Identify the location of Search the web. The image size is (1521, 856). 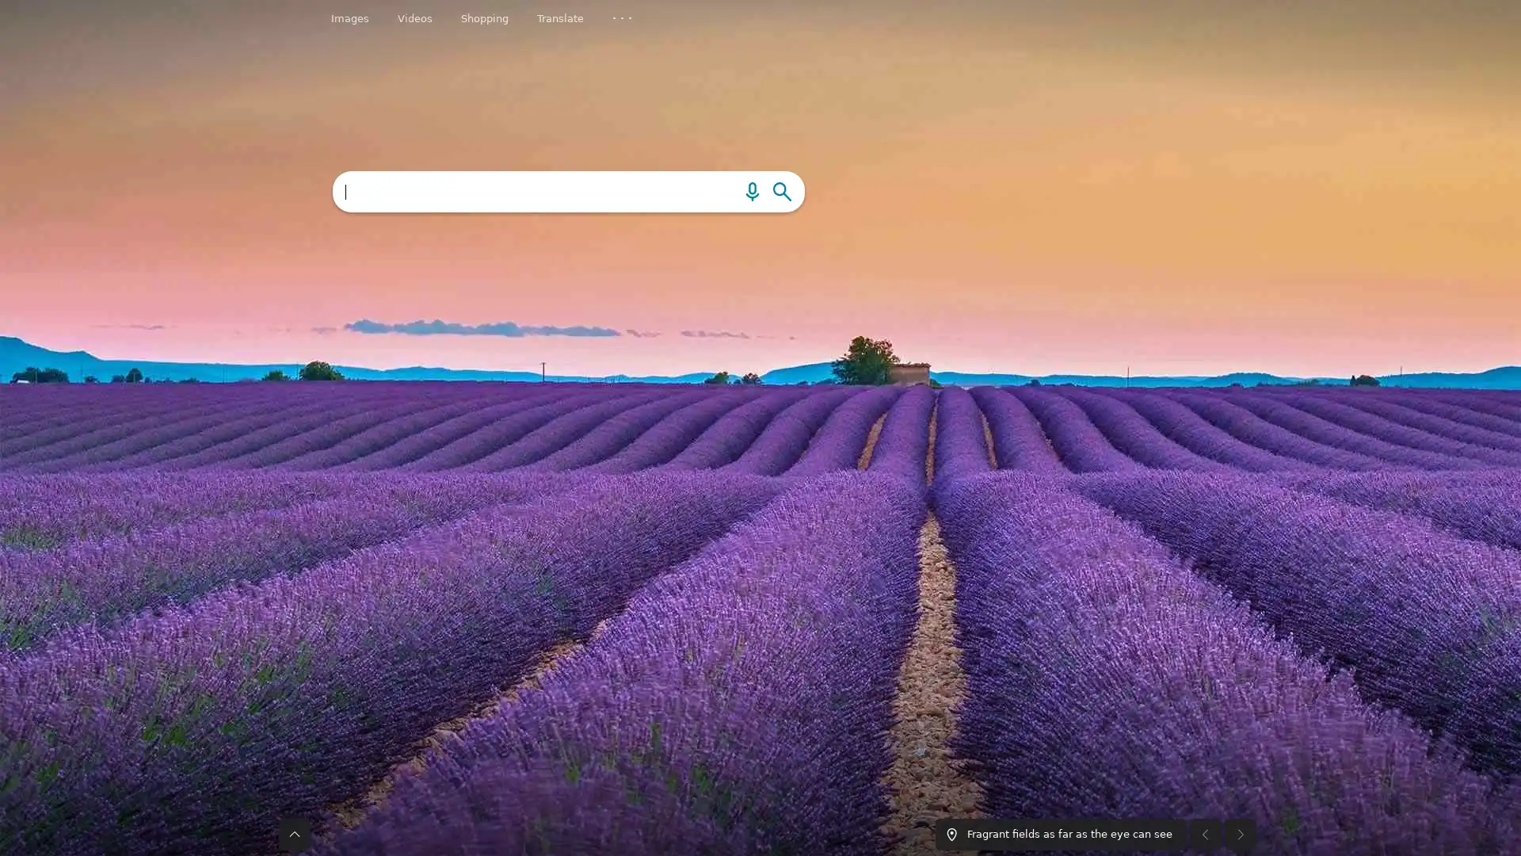
(782, 190).